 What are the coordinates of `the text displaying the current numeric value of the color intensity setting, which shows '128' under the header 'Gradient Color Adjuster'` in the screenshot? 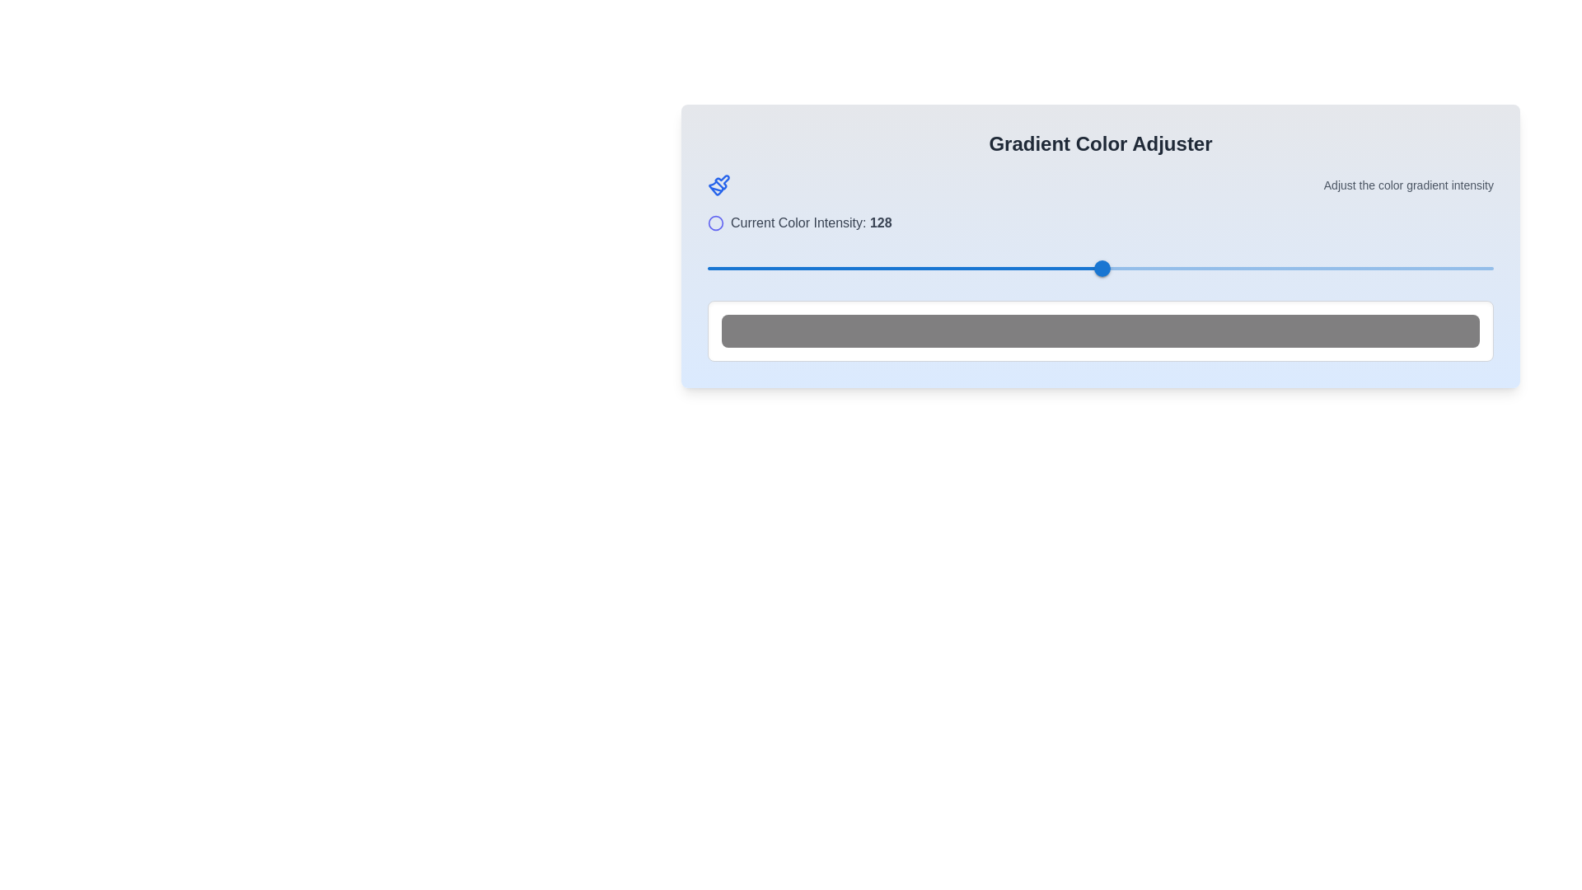 It's located at (880, 222).